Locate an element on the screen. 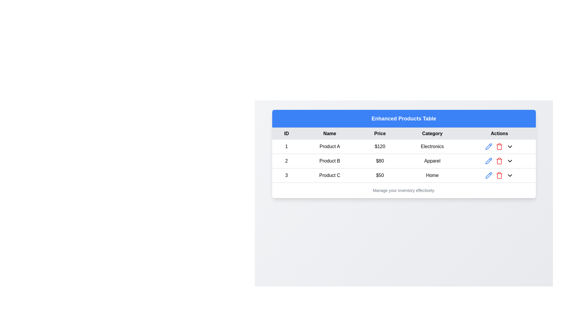  the numeric element '1' in the first cell of the first row of the table associated with 'Product A' is located at coordinates (286, 146).